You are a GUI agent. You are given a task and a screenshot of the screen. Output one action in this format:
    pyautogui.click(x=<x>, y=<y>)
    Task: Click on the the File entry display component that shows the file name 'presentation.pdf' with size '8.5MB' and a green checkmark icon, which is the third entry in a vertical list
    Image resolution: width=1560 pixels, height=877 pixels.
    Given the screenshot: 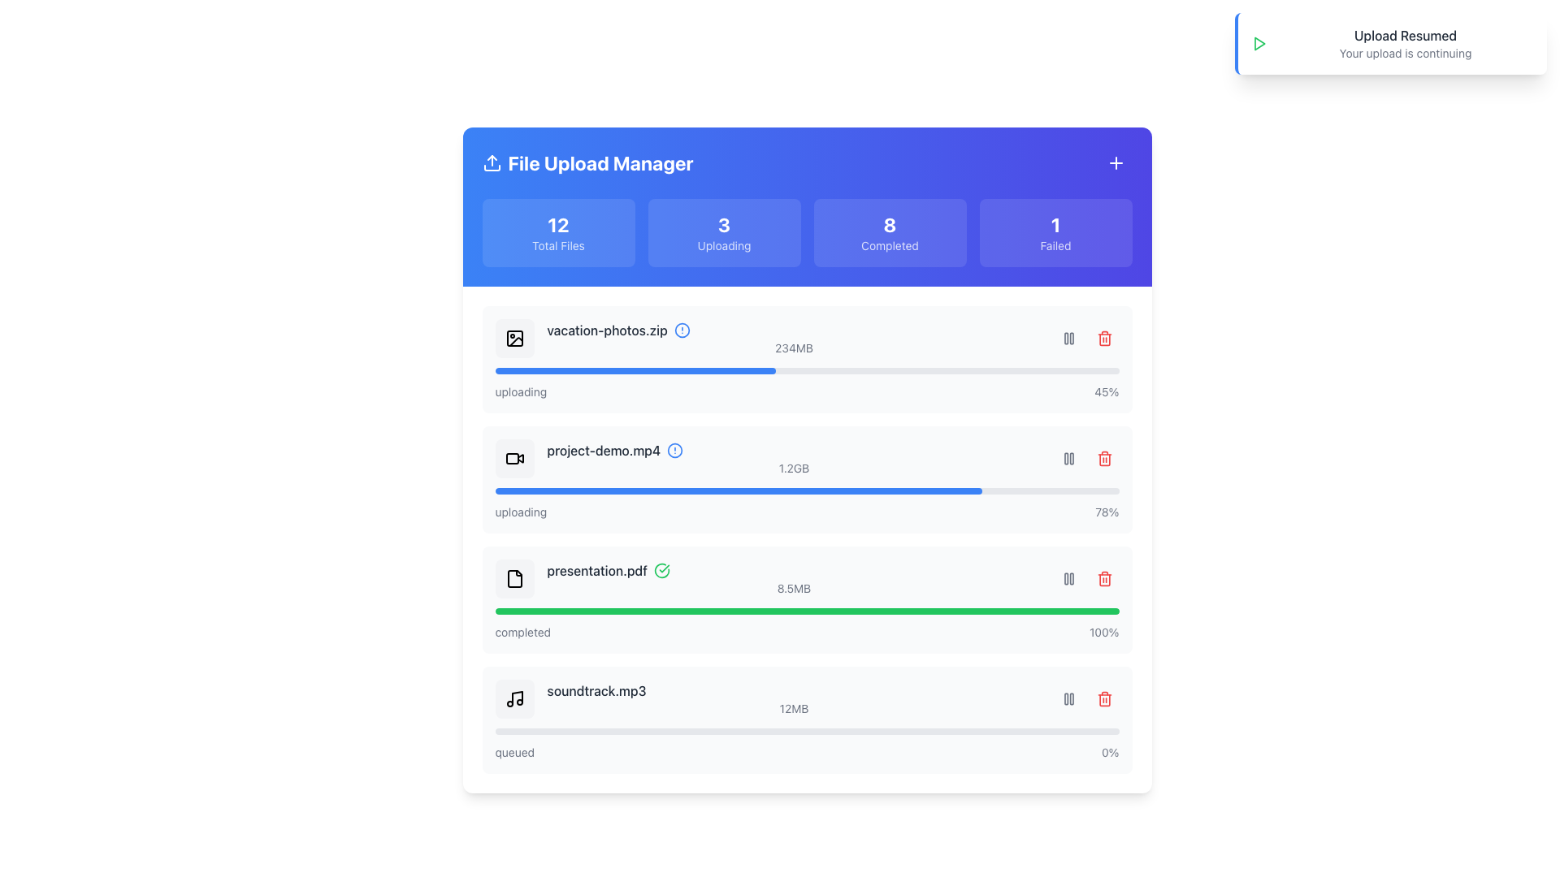 What is the action you would take?
    pyautogui.click(x=807, y=578)
    